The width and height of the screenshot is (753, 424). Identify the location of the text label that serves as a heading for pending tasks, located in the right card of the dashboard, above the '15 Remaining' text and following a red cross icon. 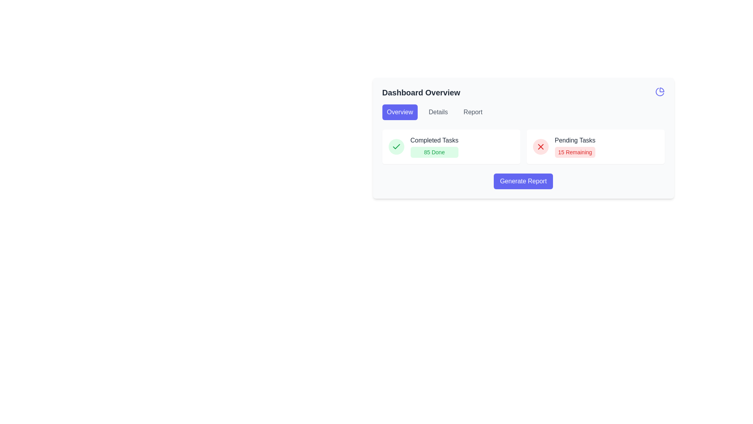
(575, 140).